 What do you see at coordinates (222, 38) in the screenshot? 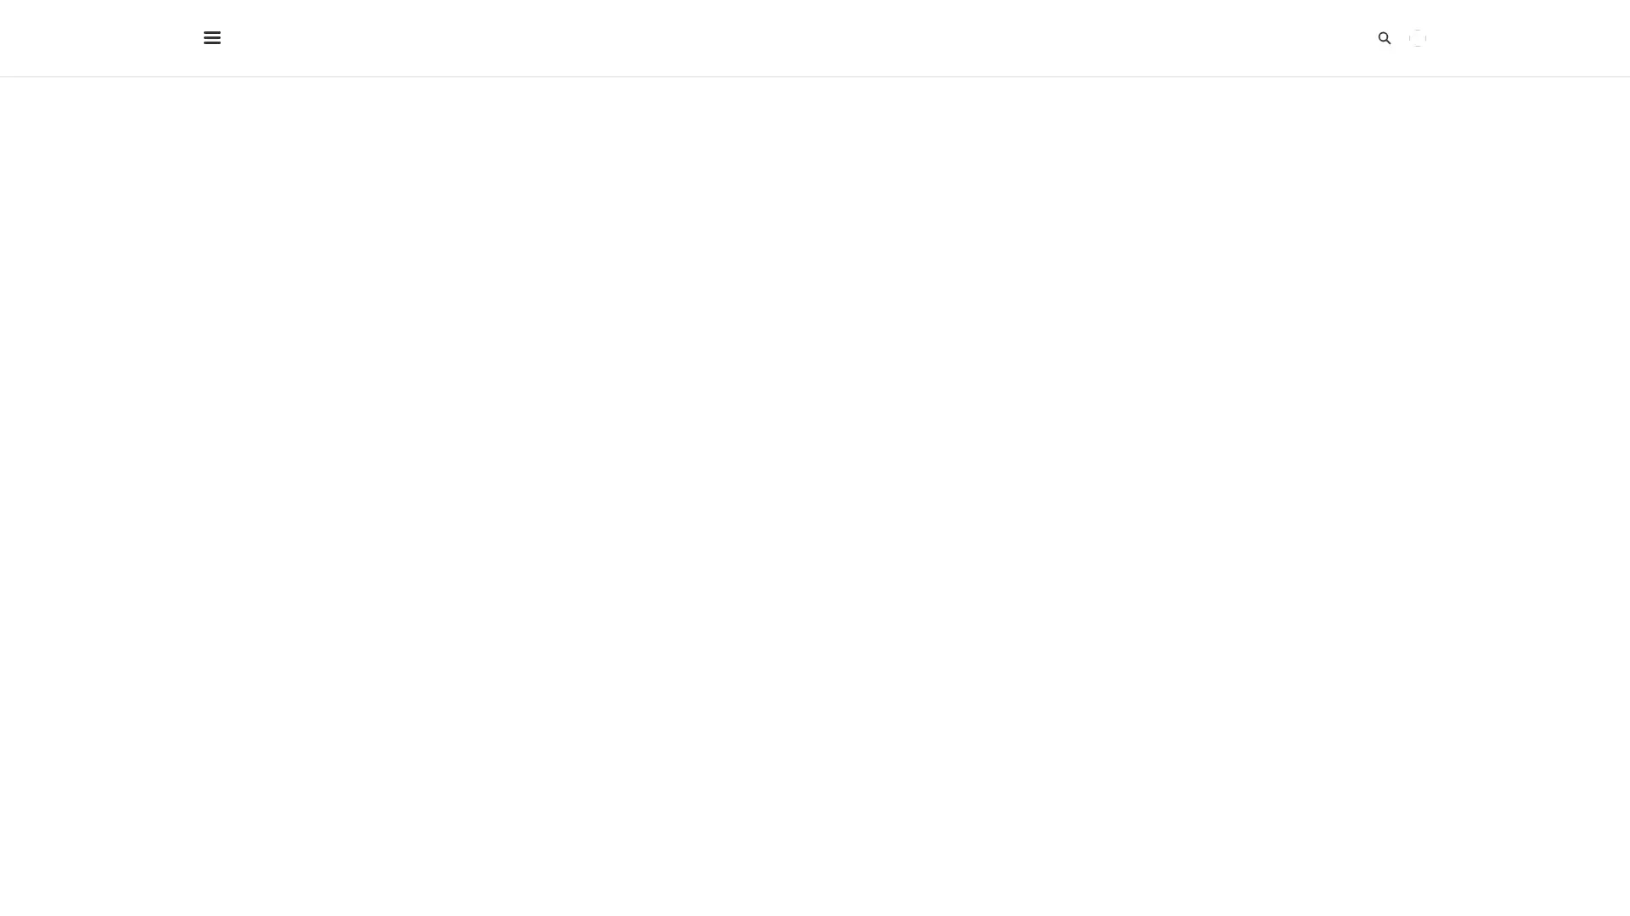
I see `Navigation menu` at bounding box center [222, 38].